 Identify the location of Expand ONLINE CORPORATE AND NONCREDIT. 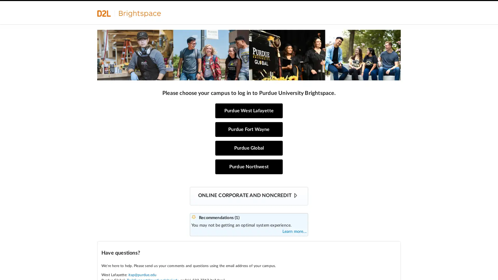
(296, 195).